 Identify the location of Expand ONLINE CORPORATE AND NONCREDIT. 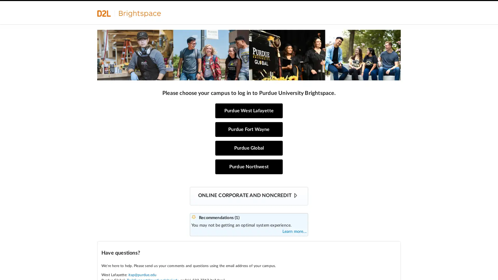
(296, 195).